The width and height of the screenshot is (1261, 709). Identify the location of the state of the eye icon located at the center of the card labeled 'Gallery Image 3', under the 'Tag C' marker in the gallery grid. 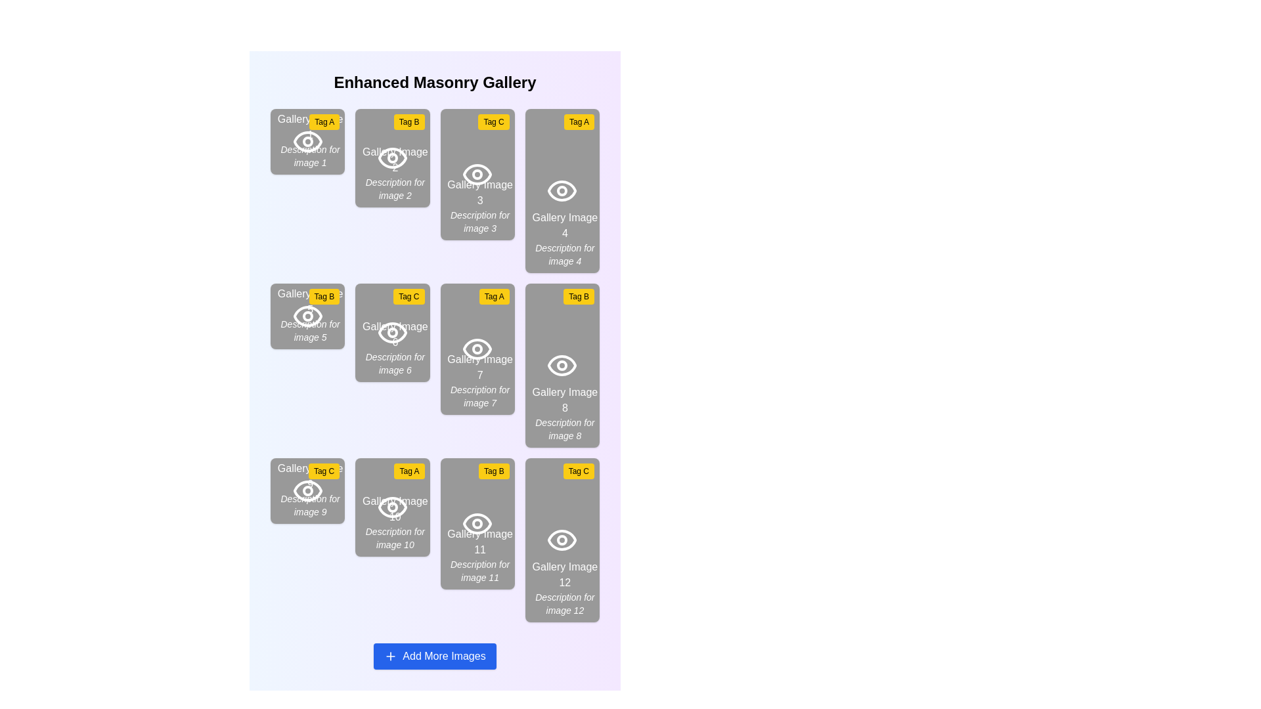
(477, 174).